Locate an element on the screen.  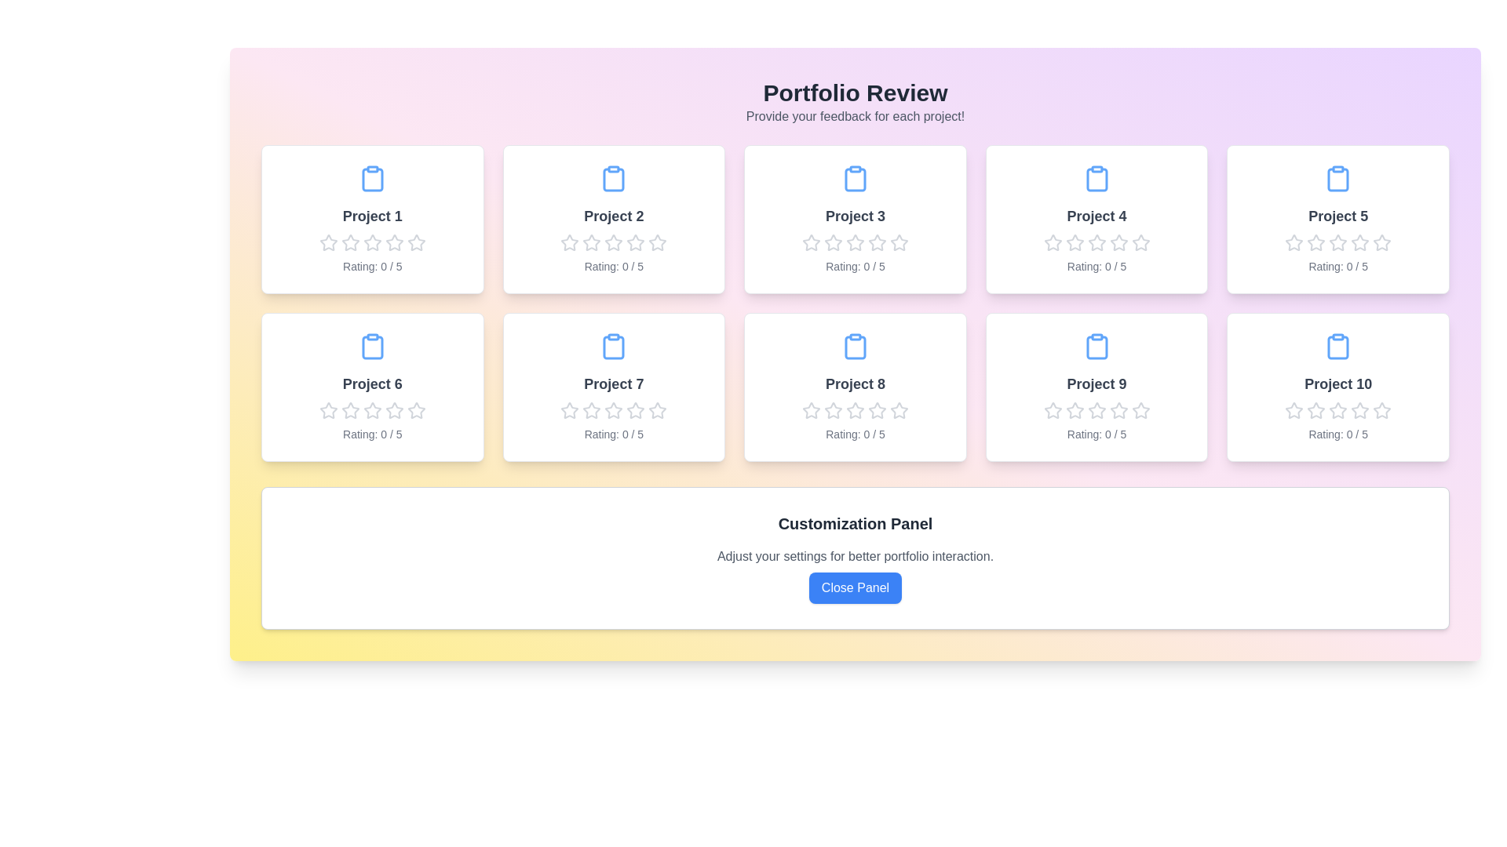
the clipboard icon of Project 1 is located at coordinates (371, 177).